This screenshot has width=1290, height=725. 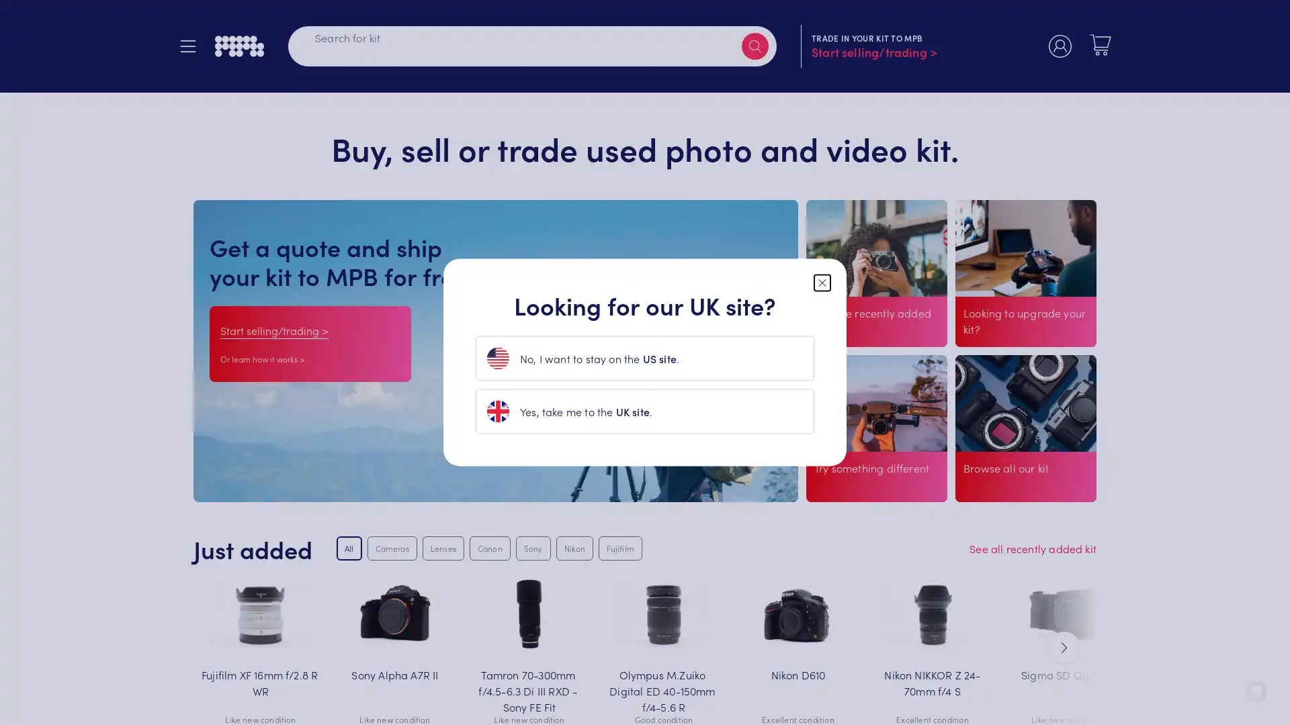 What do you see at coordinates (1100, 46) in the screenshot?
I see `Cart` at bounding box center [1100, 46].